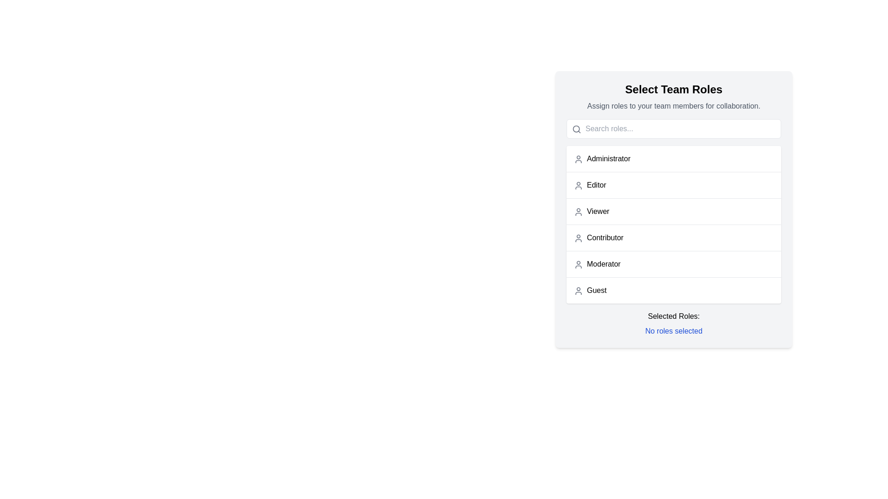 The height and width of the screenshot is (499, 888). I want to click on the 'Administrator' role list item, which is the first option in the user roles list, positioned below the search bar and above the 'Editor' option, so click(674, 158).